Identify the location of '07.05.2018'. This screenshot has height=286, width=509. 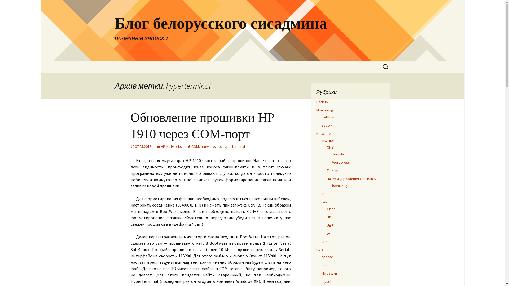
(141, 146).